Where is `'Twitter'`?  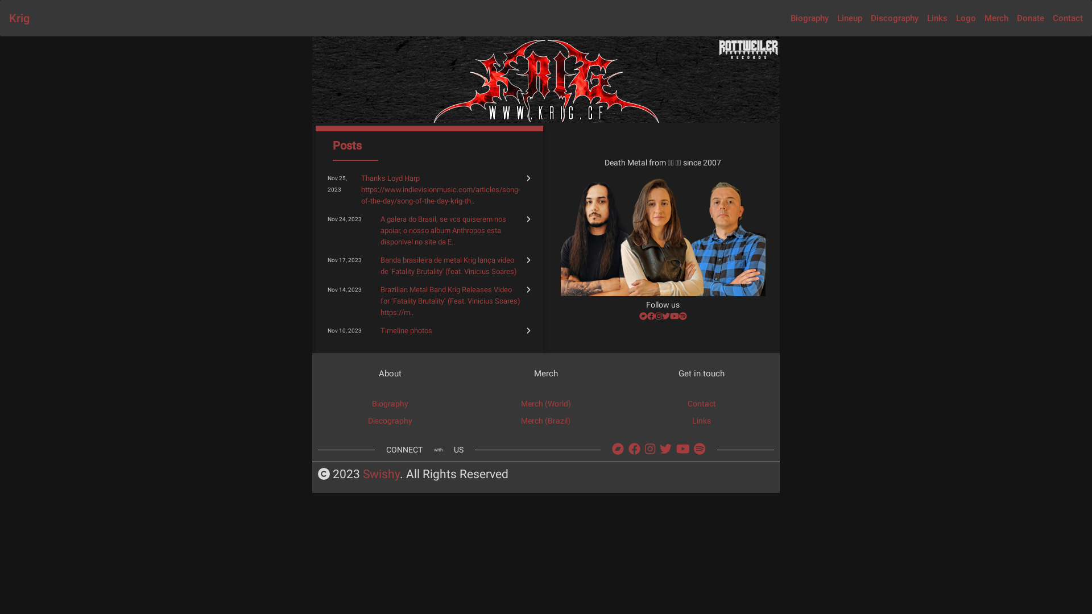 'Twitter' is located at coordinates (665, 449).